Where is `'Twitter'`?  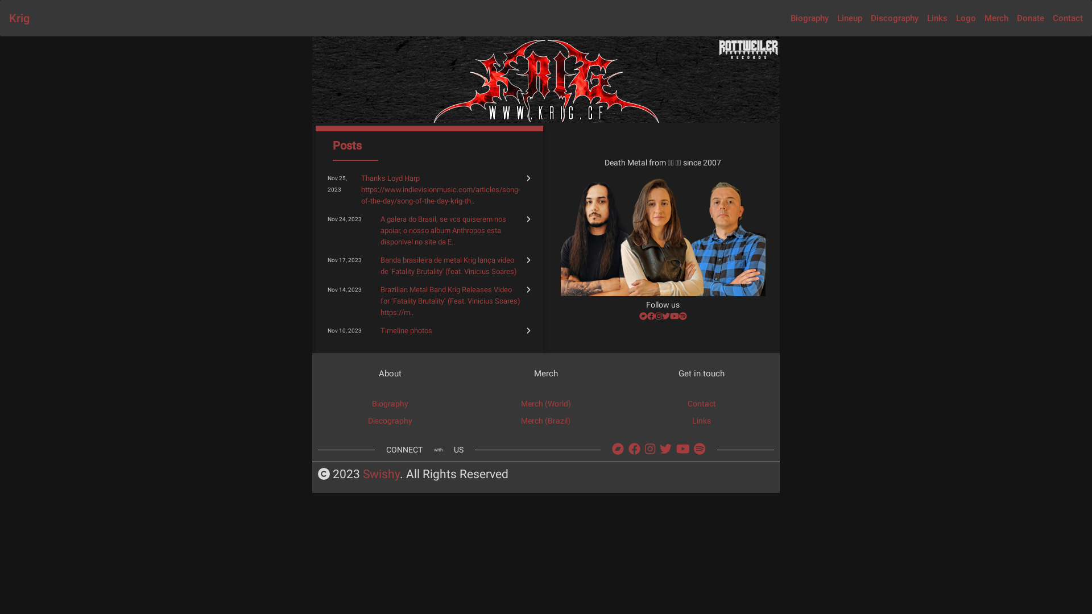 'Twitter' is located at coordinates (665, 449).